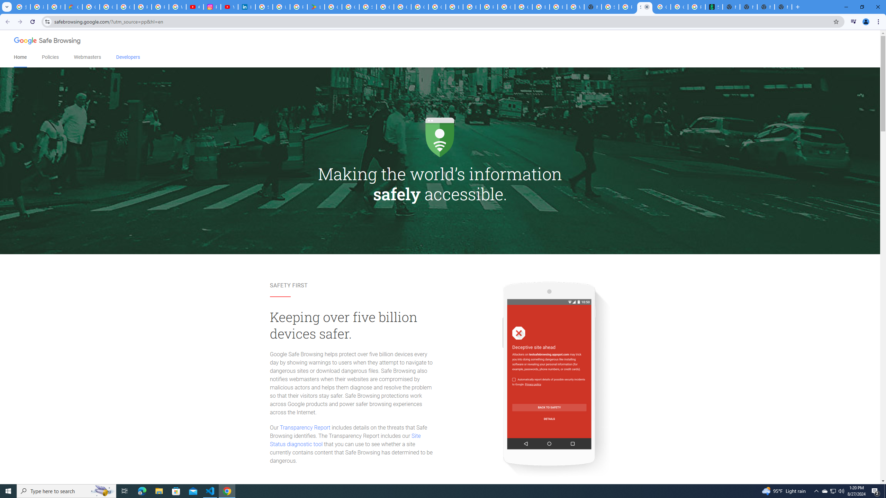  What do you see at coordinates (316, 7) in the screenshot?
I see `'Last Shelter: Survival - Apps on Google Play'` at bounding box center [316, 7].